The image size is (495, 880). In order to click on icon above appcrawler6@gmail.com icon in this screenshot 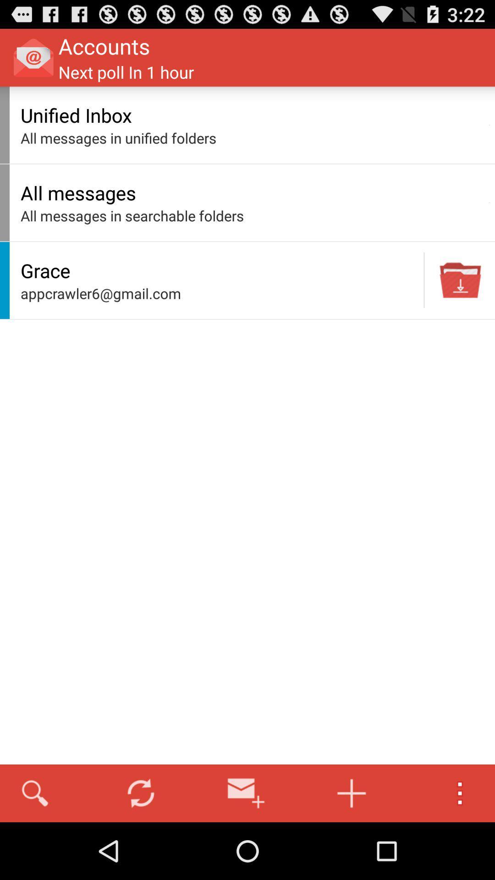, I will do `click(220, 270)`.